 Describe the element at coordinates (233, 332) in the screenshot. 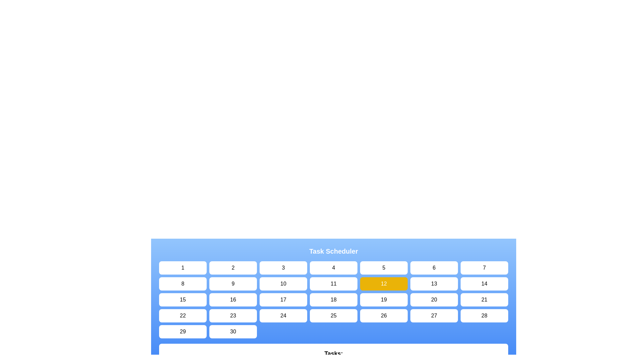

I see `the button displaying the number '30' located at the bottom-right corner of the grid` at that location.